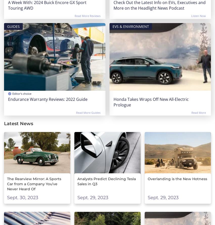 The image size is (215, 225). Describe the element at coordinates (198, 112) in the screenshot. I see `'Read More'` at that location.